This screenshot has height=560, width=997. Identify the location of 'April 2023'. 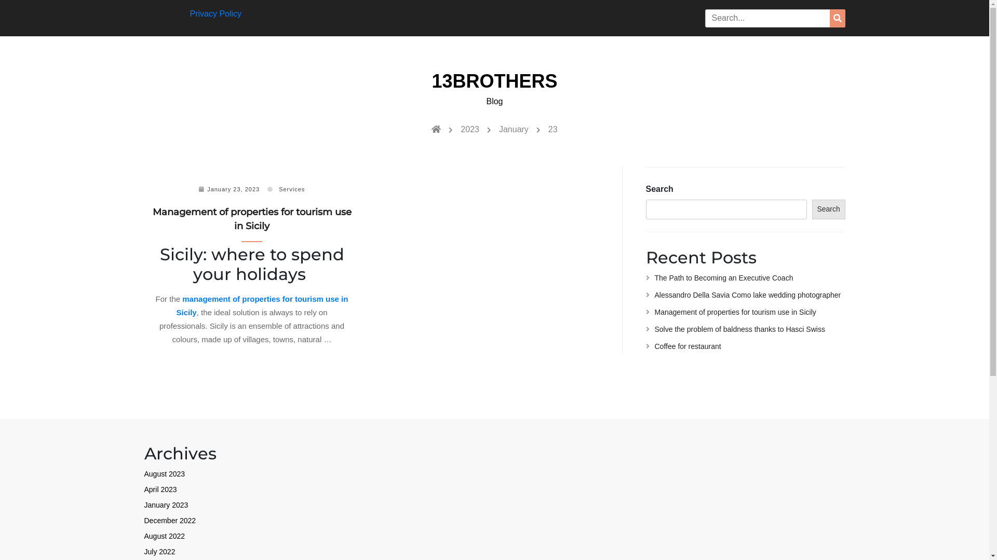
(160, 489).